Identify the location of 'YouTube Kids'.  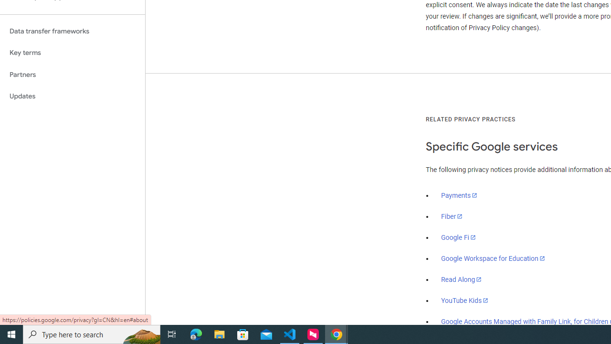
(465, 300).